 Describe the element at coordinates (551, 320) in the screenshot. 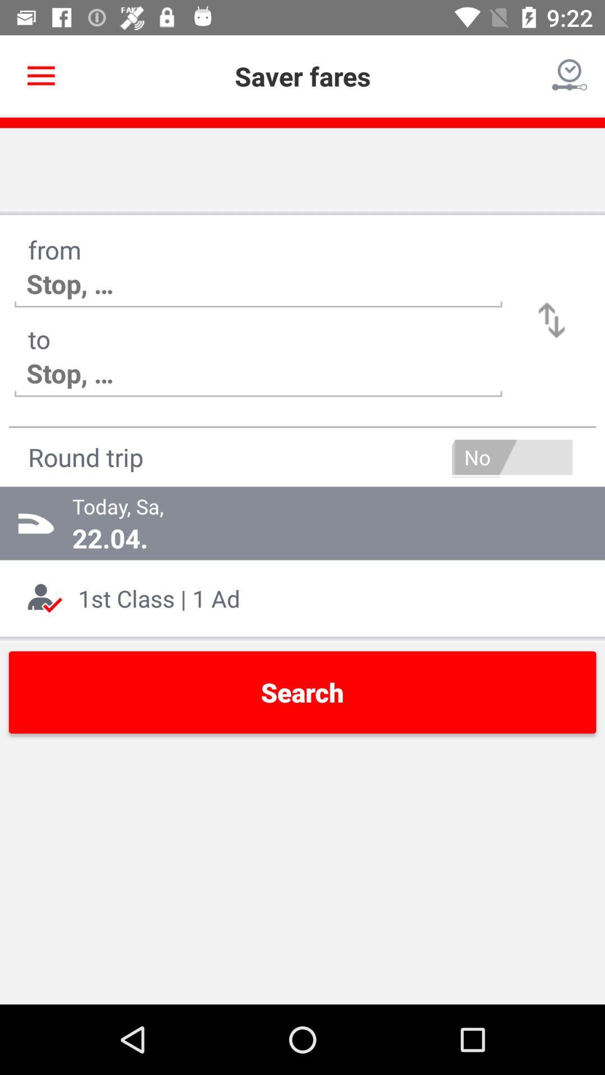

I see `the swap icon` at that location.